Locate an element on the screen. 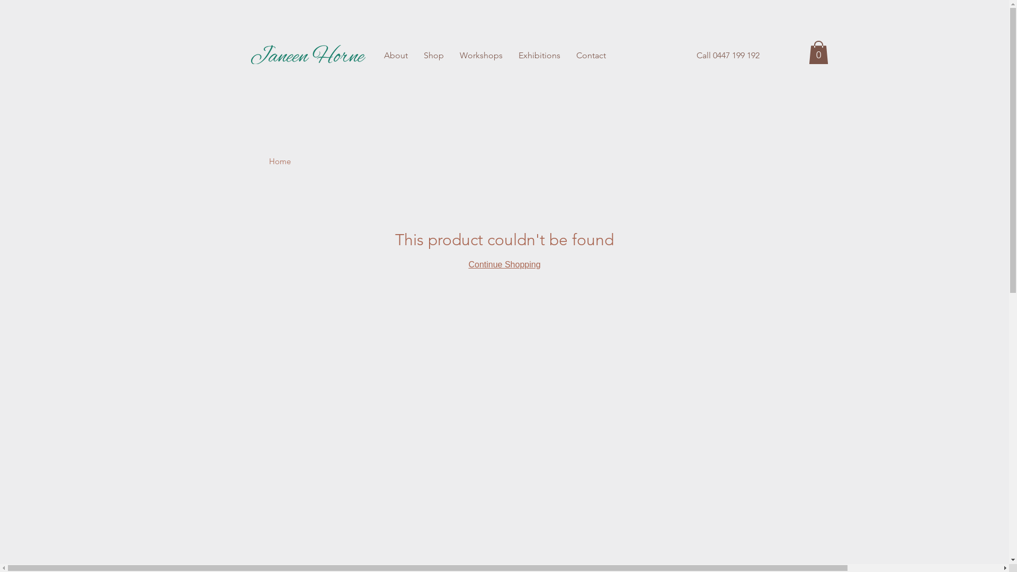 The image size is (1017, 572). 'Shop' is located at coordinates (433, 55).